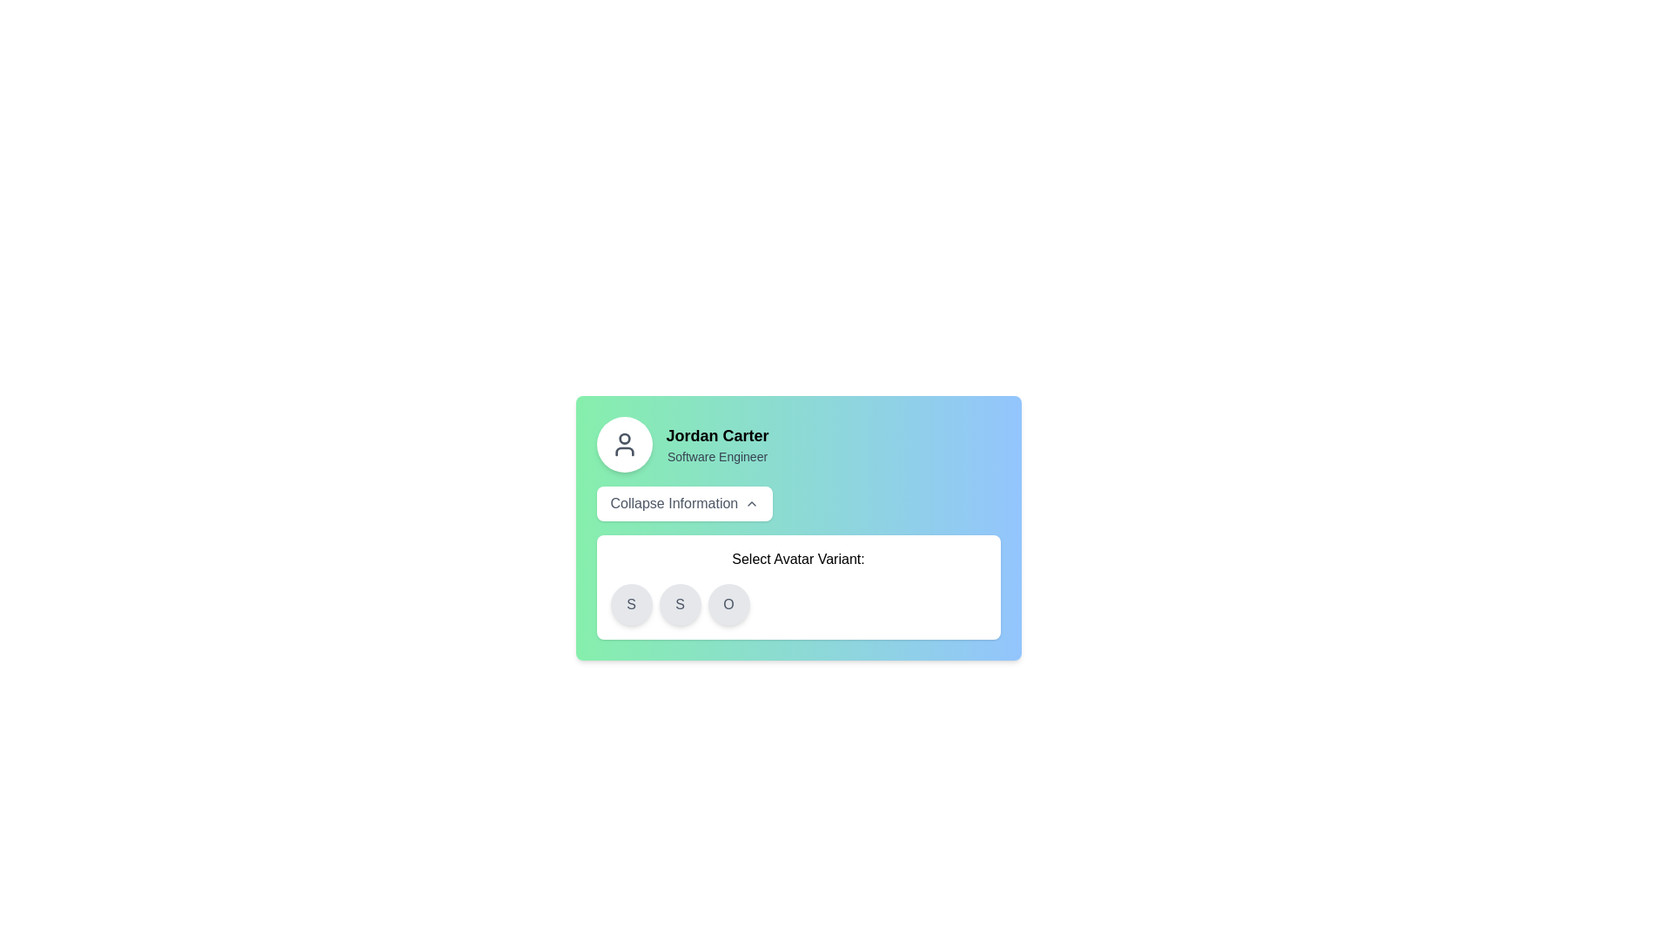  Describe the element at coordinates (797, 560) in the screenshot. I see `the text label that reads 'Select Avatar Variant:', which is styled in a bold font and positioned above a group of circular buttons labeled 'S', 'S', and 'O'` at that location.